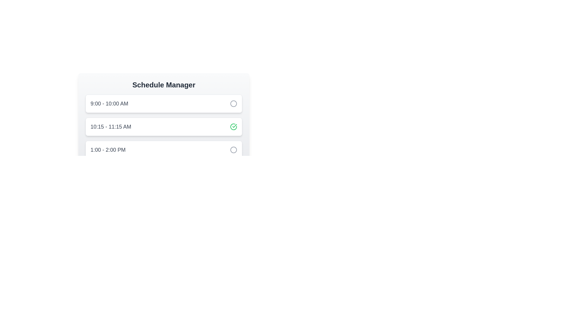 The image size is (570, 320). I want to click on the timeslot corresponding to 3, so click(164, 149).